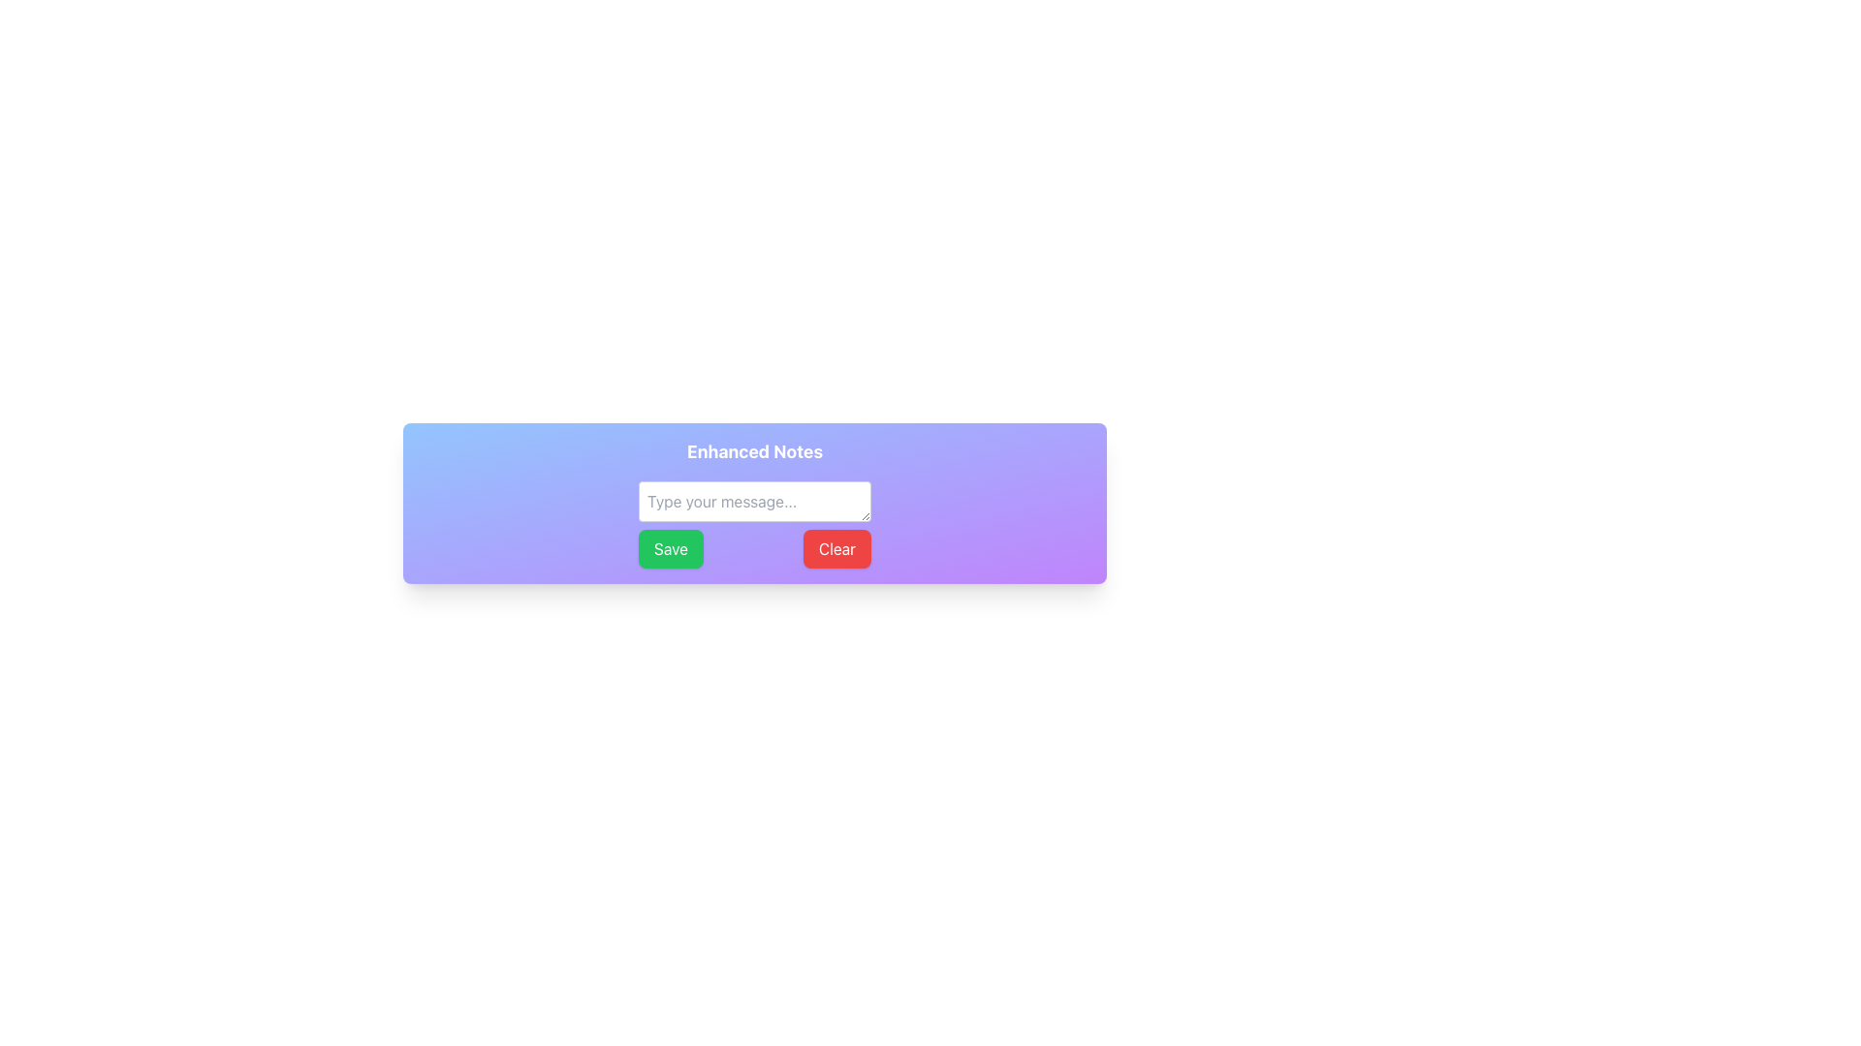 This screenshot has width=1861, height=1046. Describe the element at coordinates (837, 549) in the screenshot. I see `the clear/reset button located to the right of the 'Save' button` at that location.